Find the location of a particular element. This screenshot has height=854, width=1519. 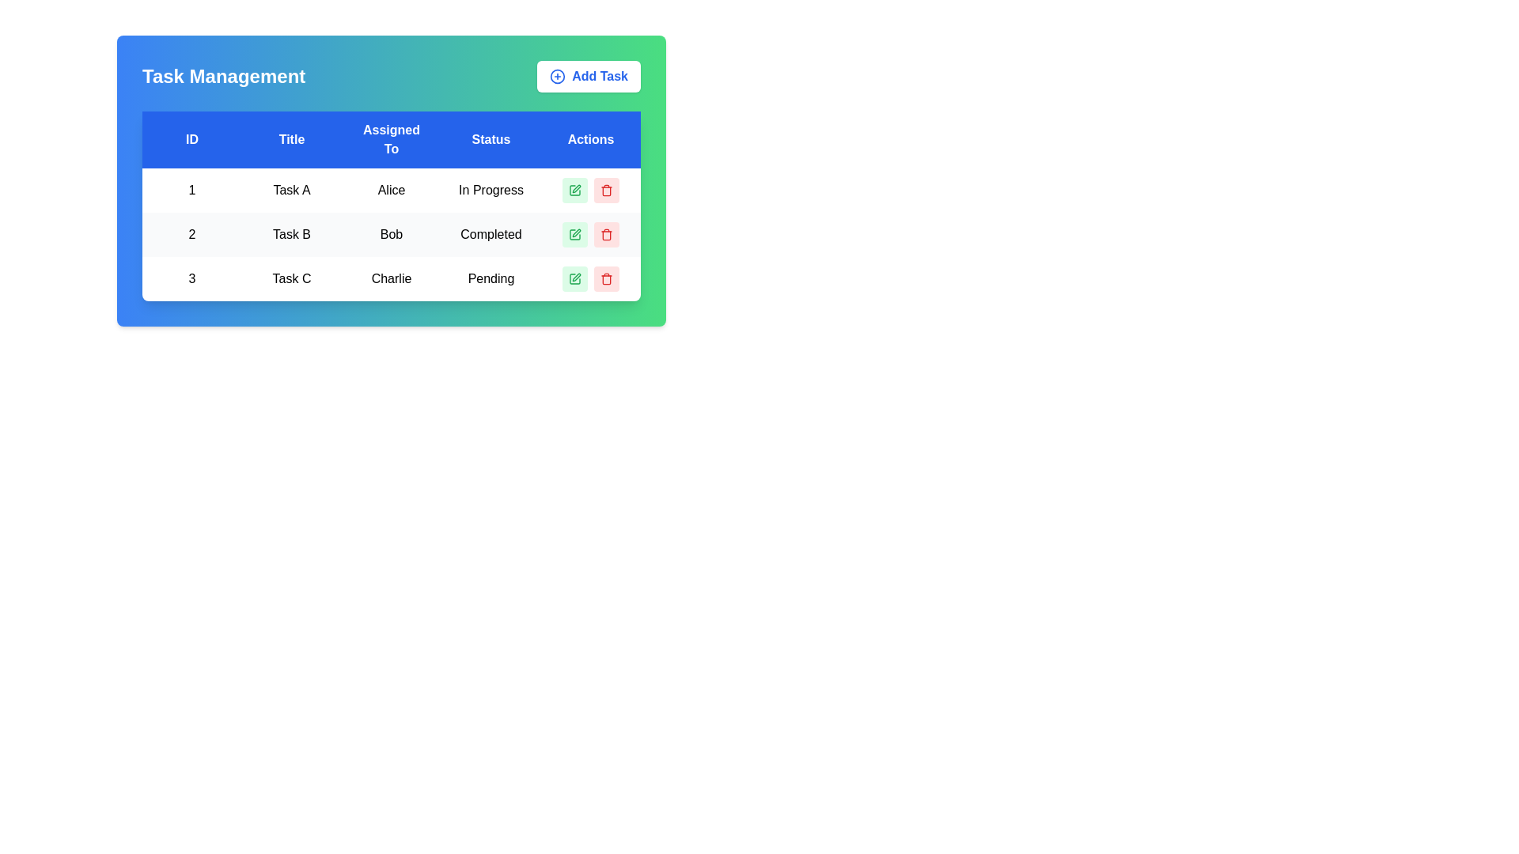

the delete icon in the 'Actions' column of the second row, which is represented by a trash can icon is located at coordinates (606, 235).